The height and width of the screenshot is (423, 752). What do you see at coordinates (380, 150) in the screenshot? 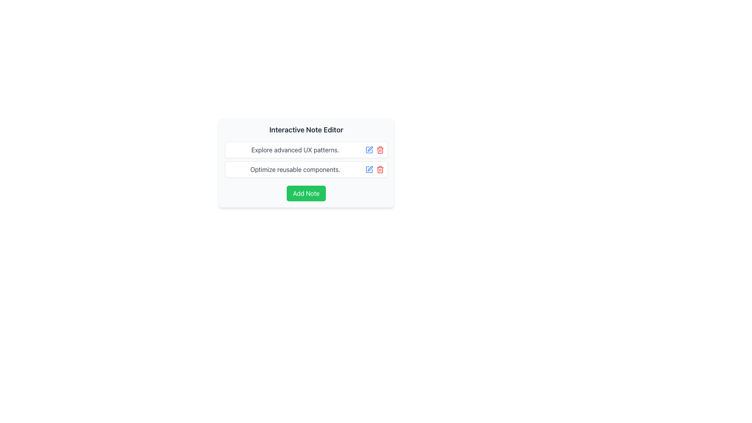
I see `the trash icon, which is styled in red and positioned to the right of the blue edit icon in the row displaying 'Explore advanced UX patterns.'` at bounding box center [380, 150].